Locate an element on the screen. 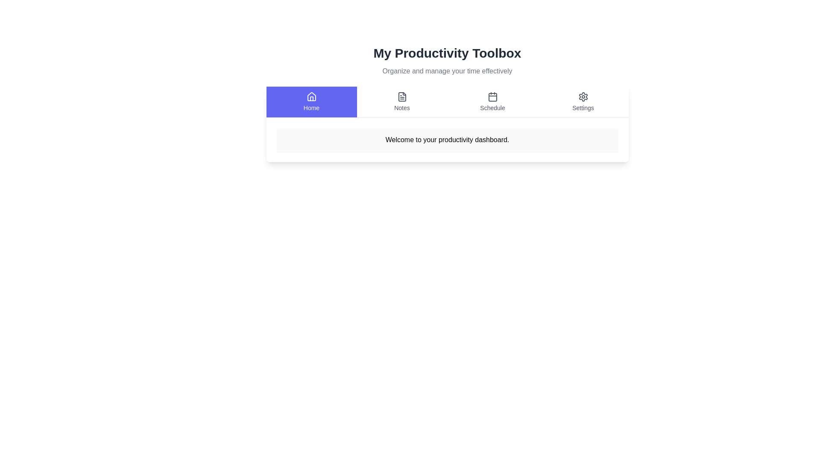 This screenshot has width=820, height=461. text content from the title and description display element located at the top section of the content page, above the navigation options is located at coordinates (447, 60).